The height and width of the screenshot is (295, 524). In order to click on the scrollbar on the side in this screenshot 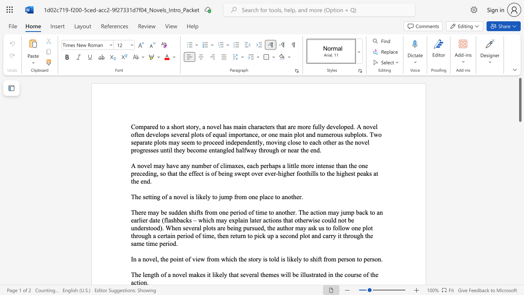, I will do `click(519, 179)`.